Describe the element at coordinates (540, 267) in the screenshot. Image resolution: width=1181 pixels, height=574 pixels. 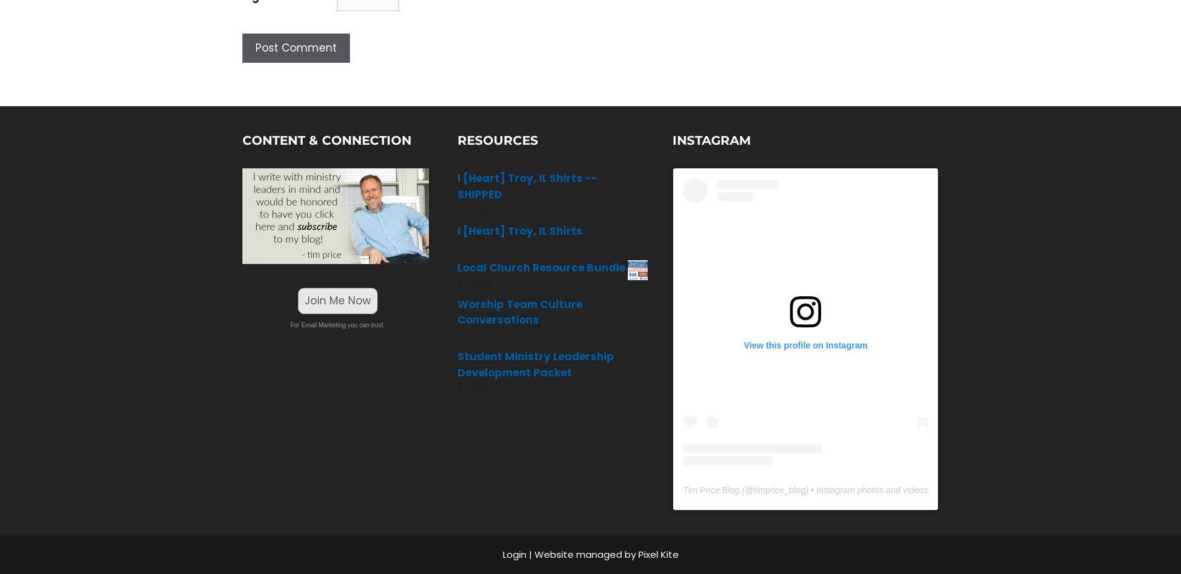
I see `'Local Church Resource Bundle'` at that location.